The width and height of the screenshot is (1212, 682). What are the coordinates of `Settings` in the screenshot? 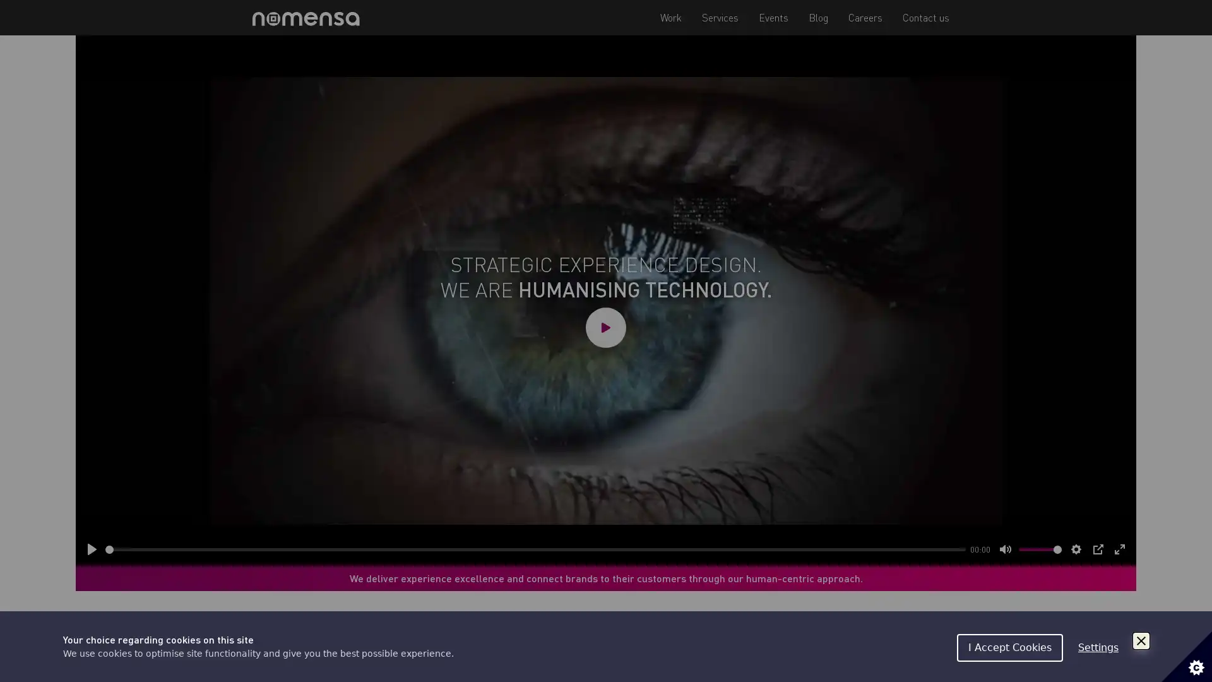 It's located at (1097, 648).